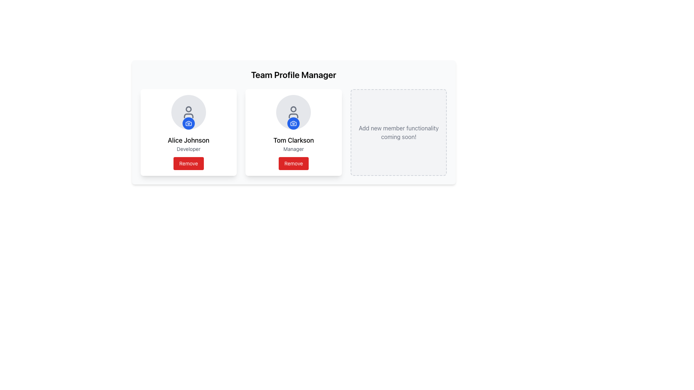 The width and height of the screenshot is (694, 390). Describe the element at coordinates (188, 123) in the screenshot. I see `the button with a camera icon located at the bottom center of Alice Johnson's user card` at that location.